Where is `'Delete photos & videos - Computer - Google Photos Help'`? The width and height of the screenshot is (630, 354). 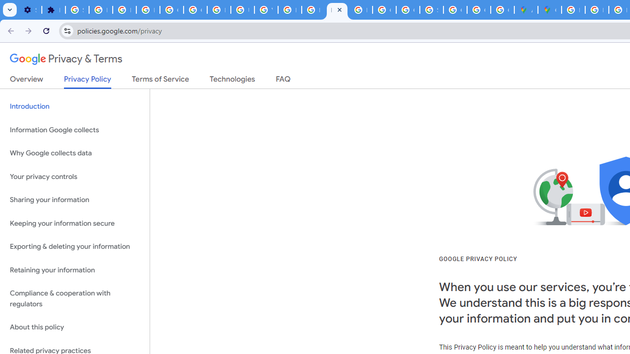
'Delete photos & videos - Computer - Google Photos Help' is located at coordinates (100, 10).